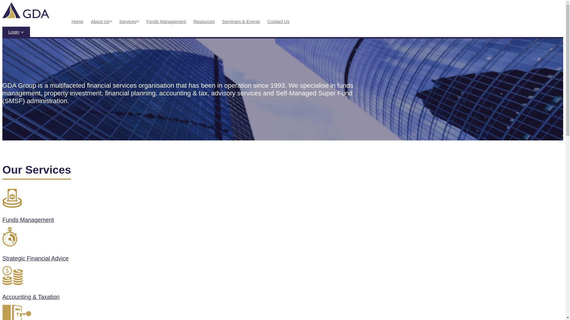  Describe the element at coordinates (180, 284) in the screenshot. I see `'Accounting & Taxation'` at that location.